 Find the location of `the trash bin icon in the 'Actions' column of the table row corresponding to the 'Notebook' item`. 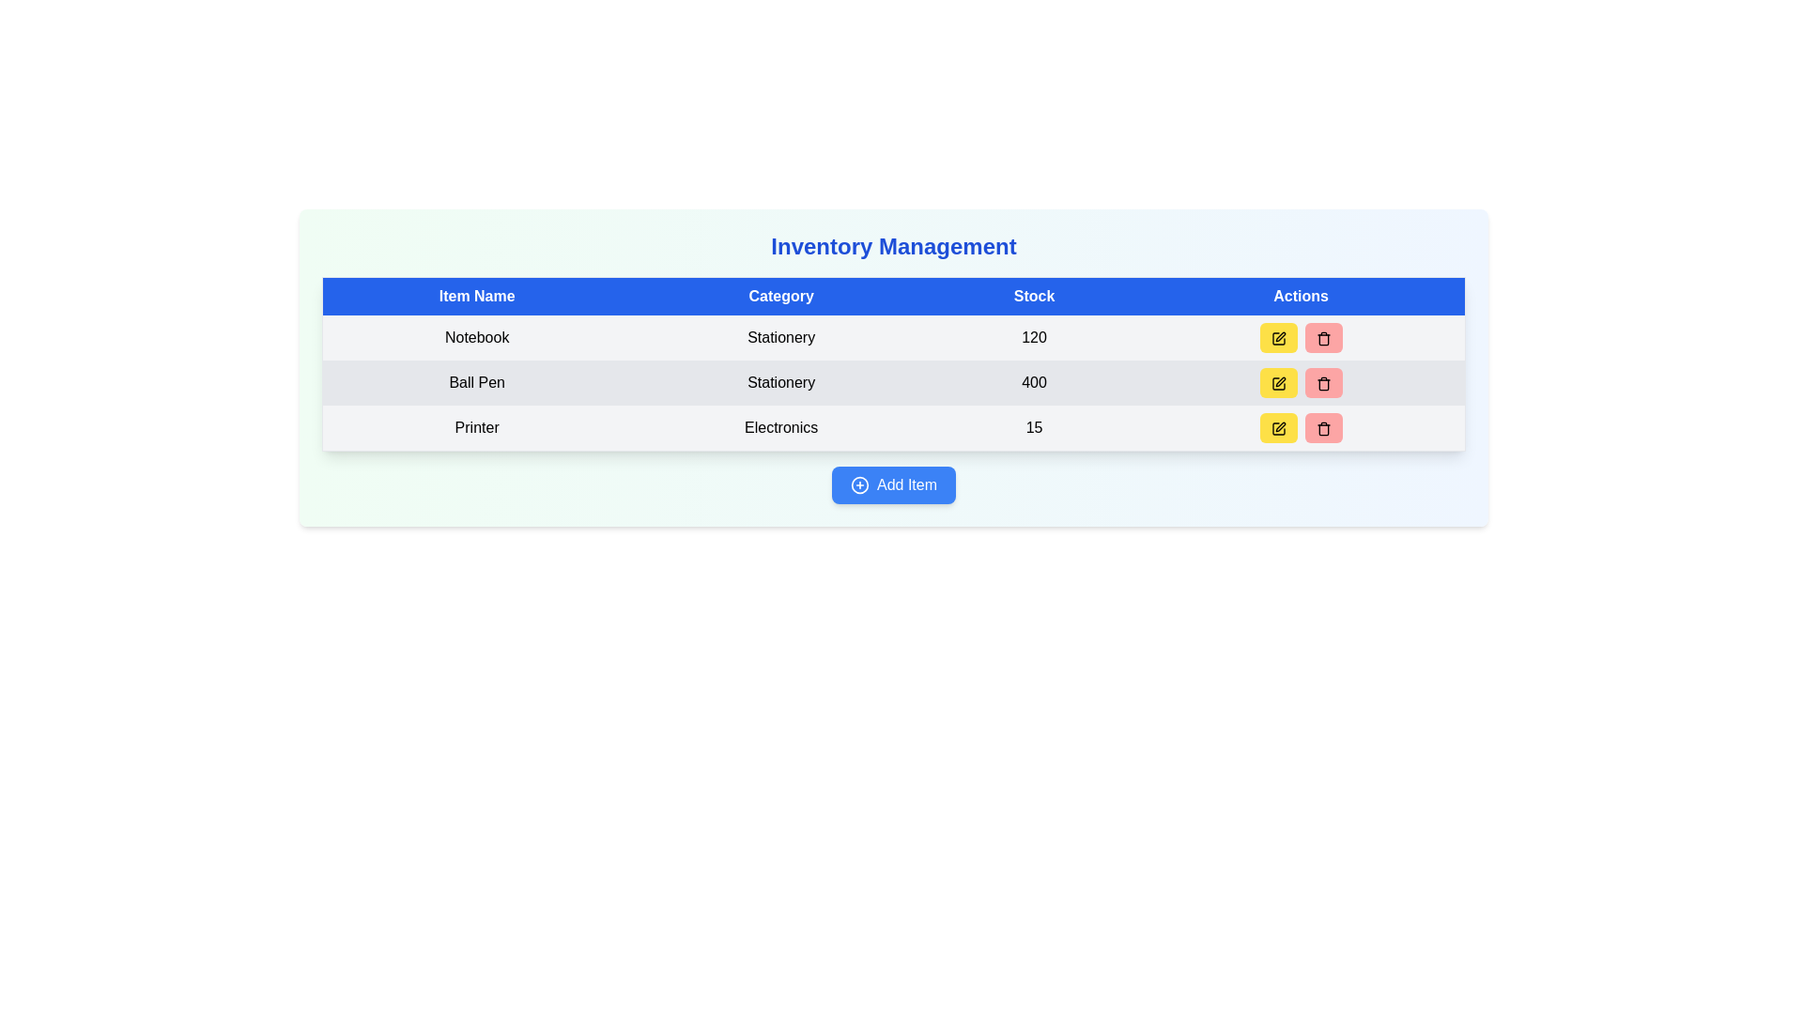

the trash bin icon in the 'Actions' column of the table row corresponding to the 'Notebook' item is located at coordinates (1322, 340).